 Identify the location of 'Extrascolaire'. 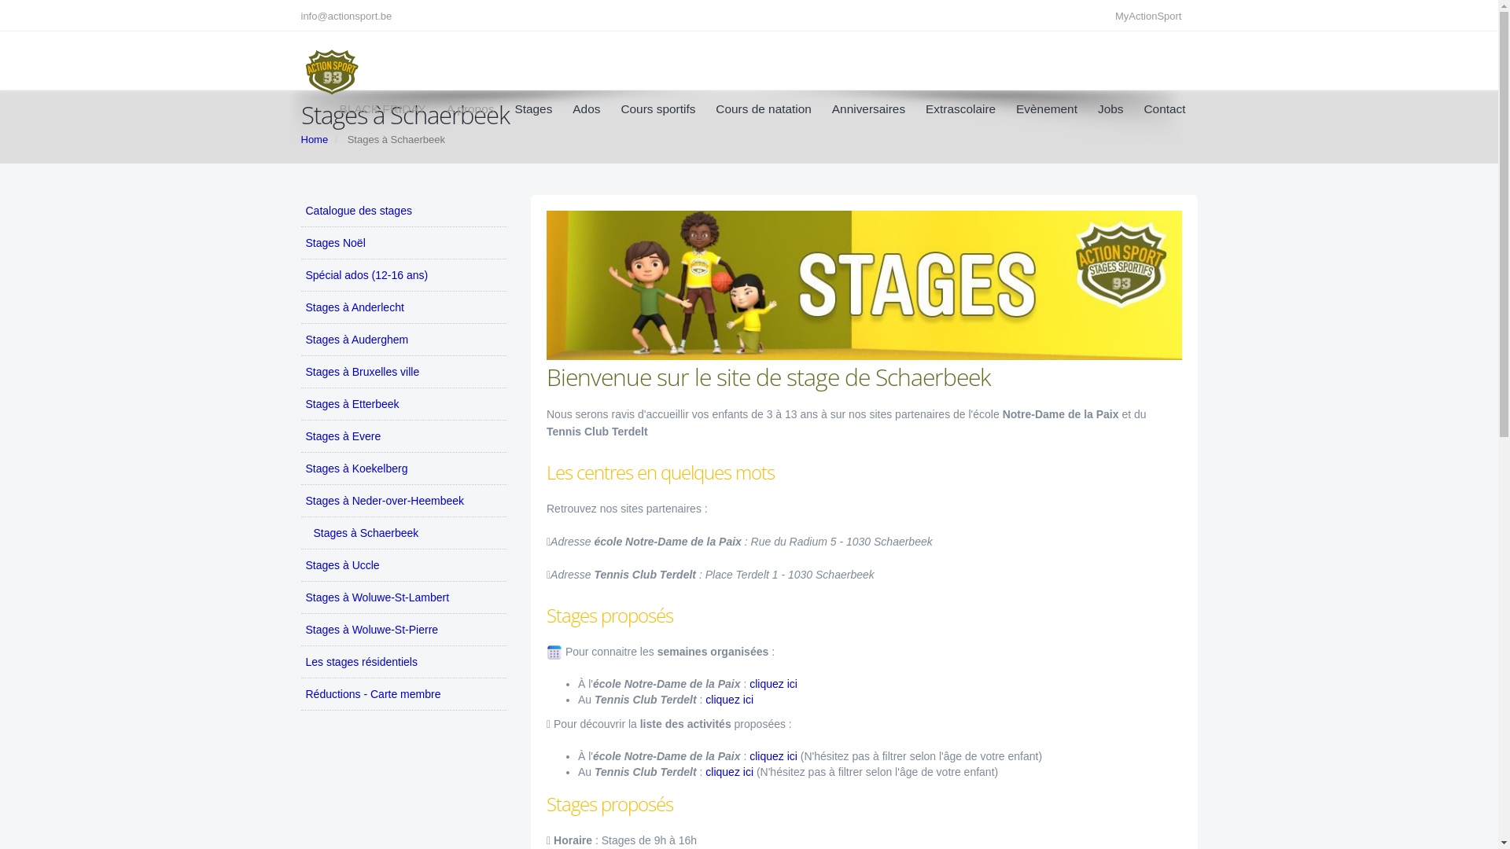
(959, 108).